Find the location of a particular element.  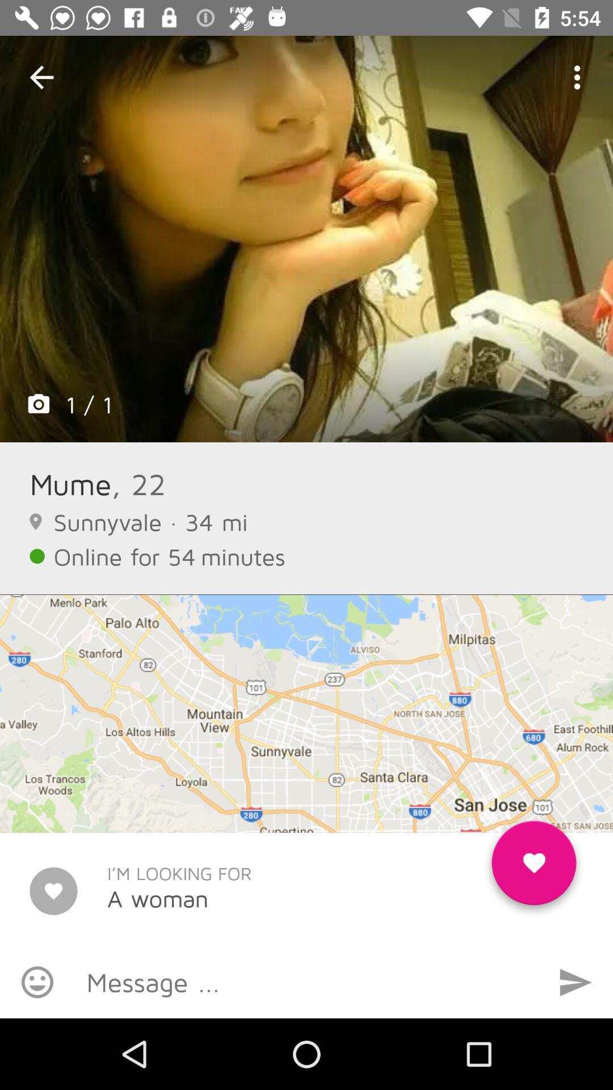

the favorite icon is located at coordinates (534, 867).